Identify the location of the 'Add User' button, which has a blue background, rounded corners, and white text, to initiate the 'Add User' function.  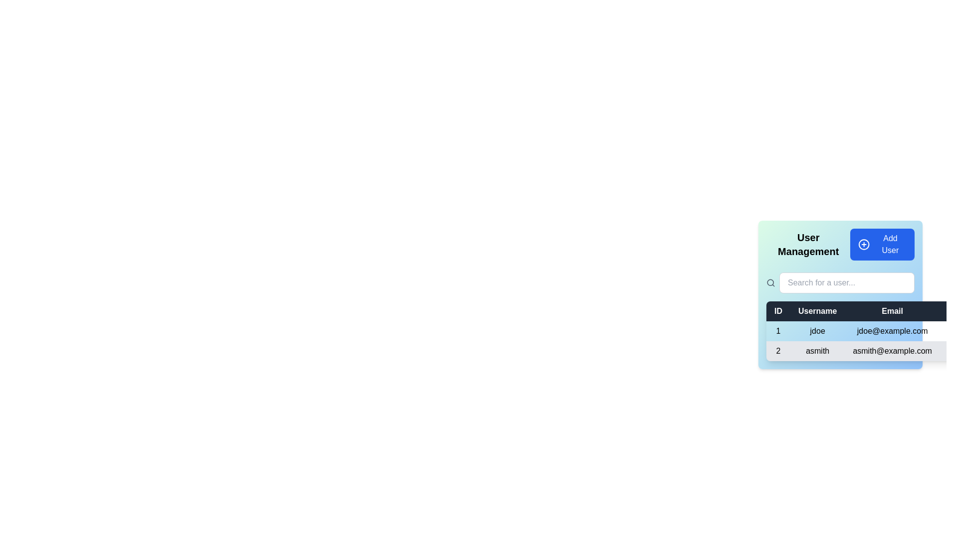
(882, 244).